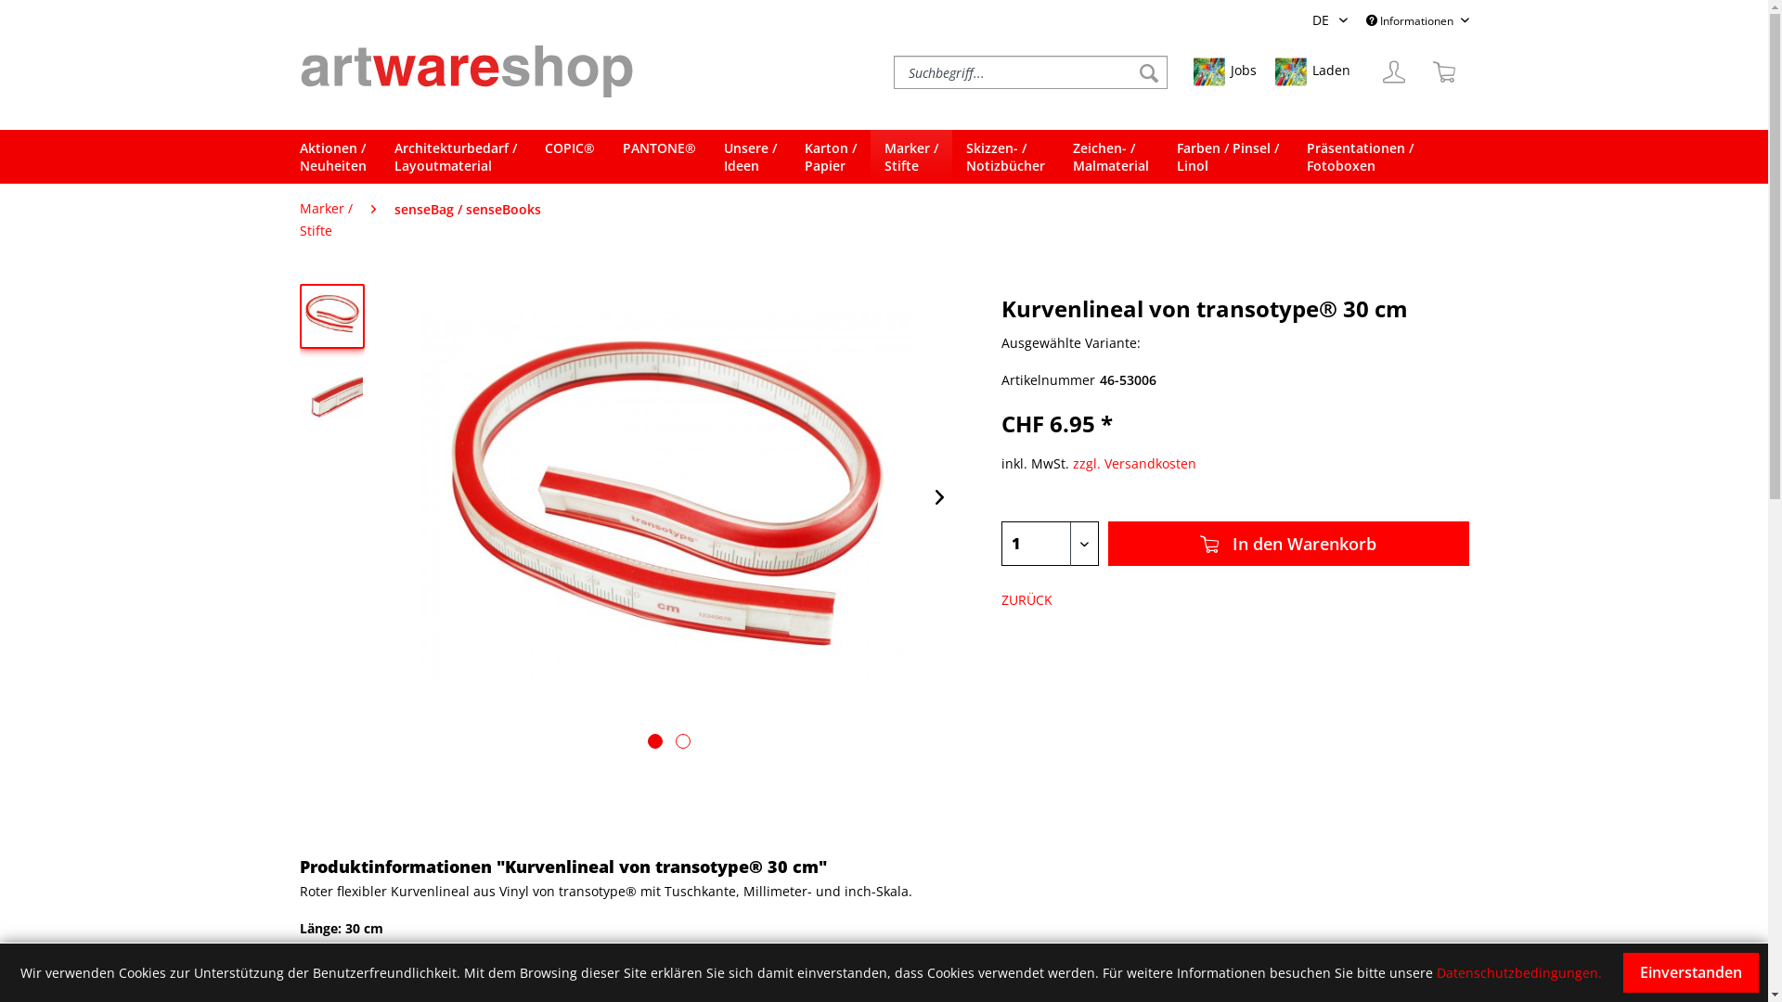 The width and height of the screenshot is (1782, 1002). I want to click on 'Laden', so click(1311, 71).